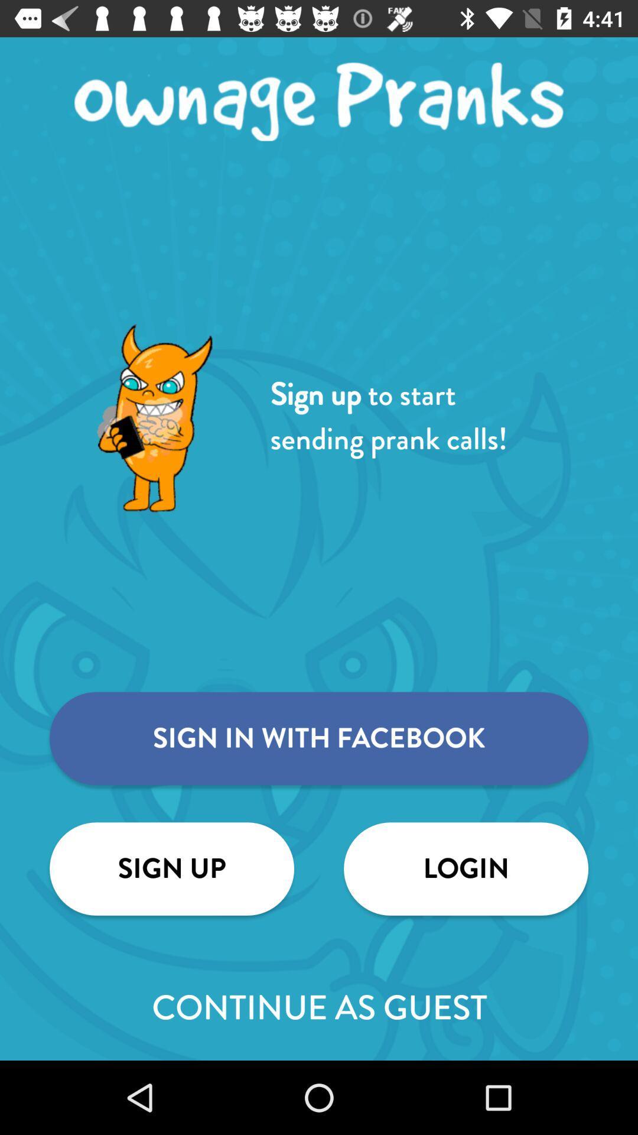 This screenshot has width=638, height=1135. What do you see at coordinates (319, 738) in the screenshot?
I see `sign in with` at bounding box center [319, 738].